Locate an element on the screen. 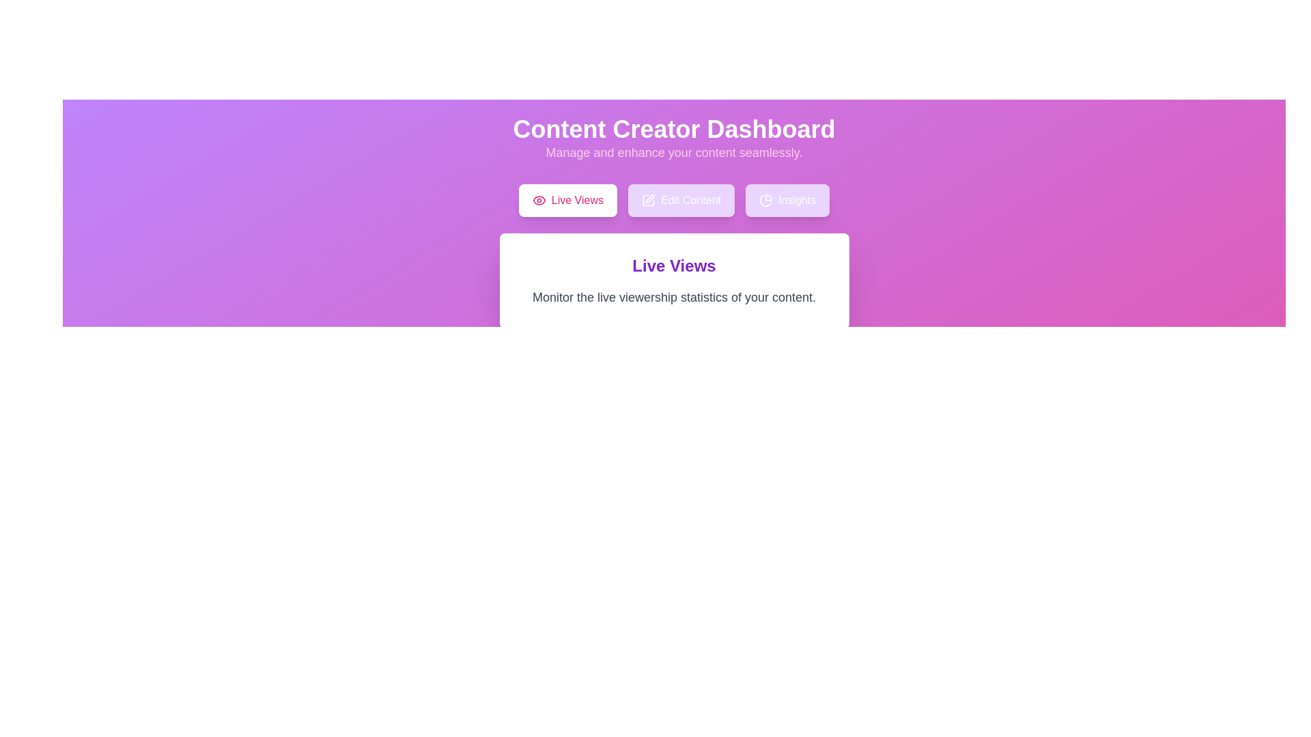 The width and height of the screenshot is (1311, 737). the tab labeled Live Views is located at coordinates (567, 200).